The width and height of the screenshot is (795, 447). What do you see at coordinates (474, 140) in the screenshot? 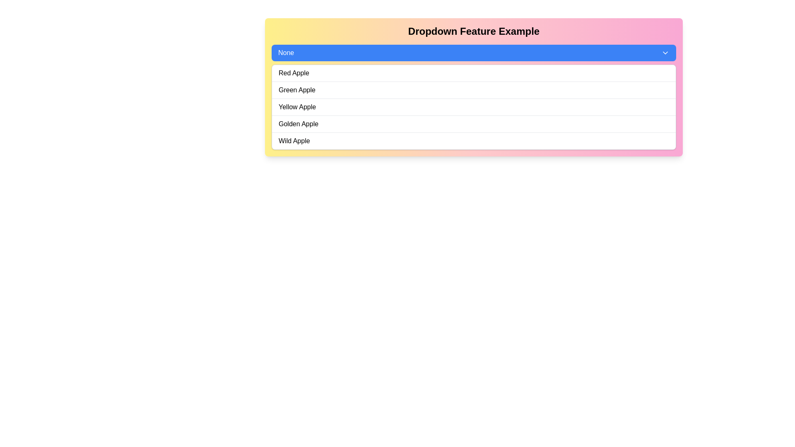
I see `the 'Wild Apple' option in the dropdown menu, which is the last item in the list` at bounding box center [474, 140].